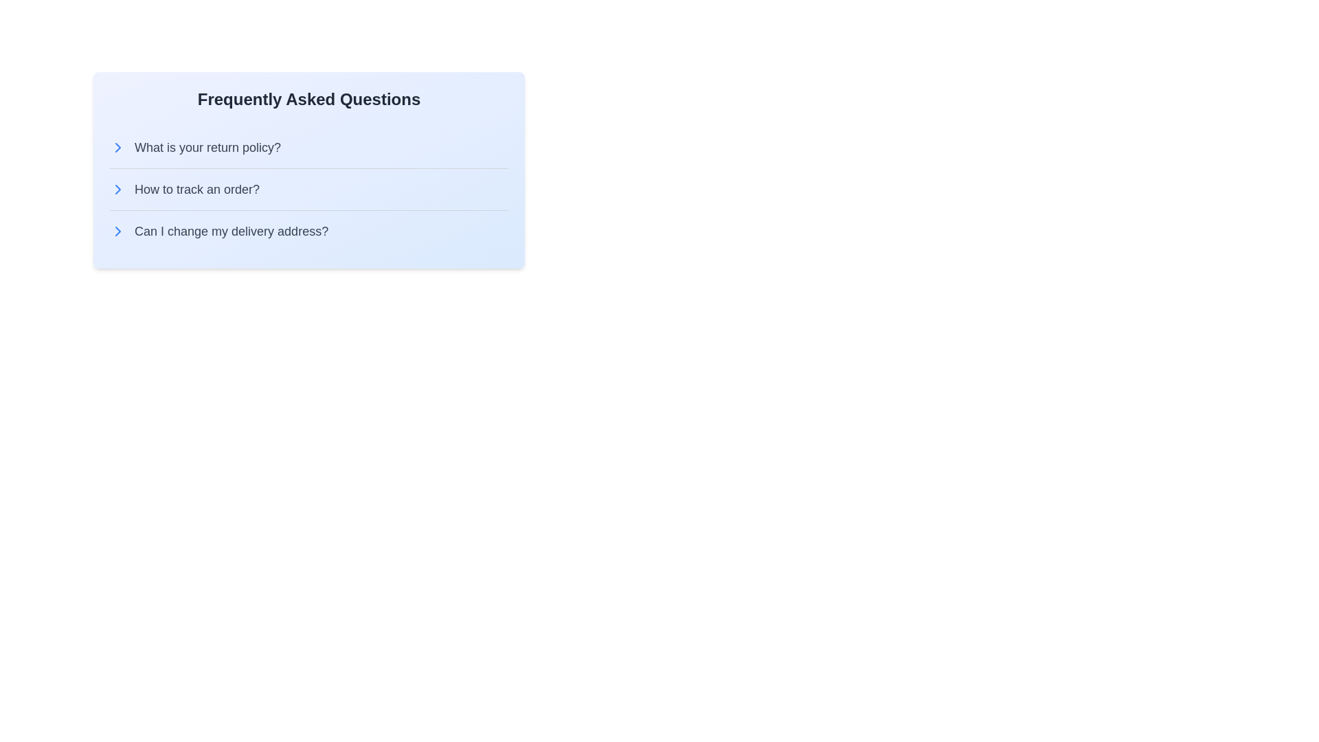  I want to click on the button labeled 'Can I change my delivery address?' which is styled as a light blue rectangular block and located in the Frequently Asked Questions section, so click(308, 230).